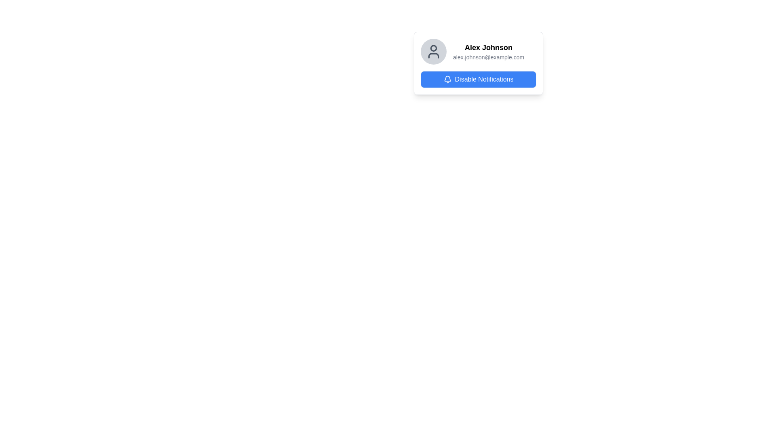  What do you see at coordinates (433, 51) in the screenshot?
I see `the circular user profile picture placeholder with a gray background and dark gray user icon, located to the left of 'Alex Johnson' and 'alex.johnson@example.com'` at bounding box center [433, 51].